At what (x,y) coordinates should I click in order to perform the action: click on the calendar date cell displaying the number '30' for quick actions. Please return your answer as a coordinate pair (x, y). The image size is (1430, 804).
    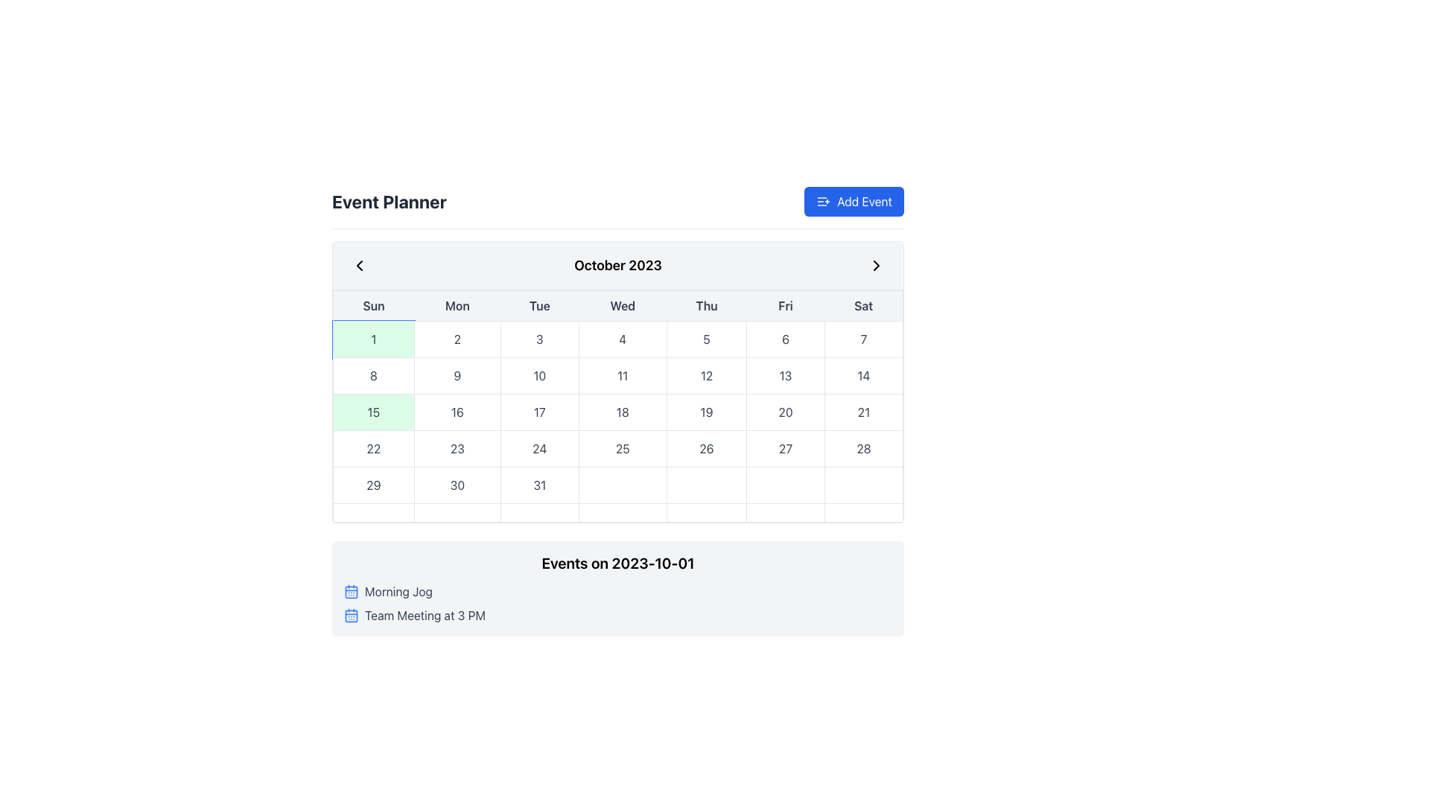
    Looking at the image, I should click on (457, 485).